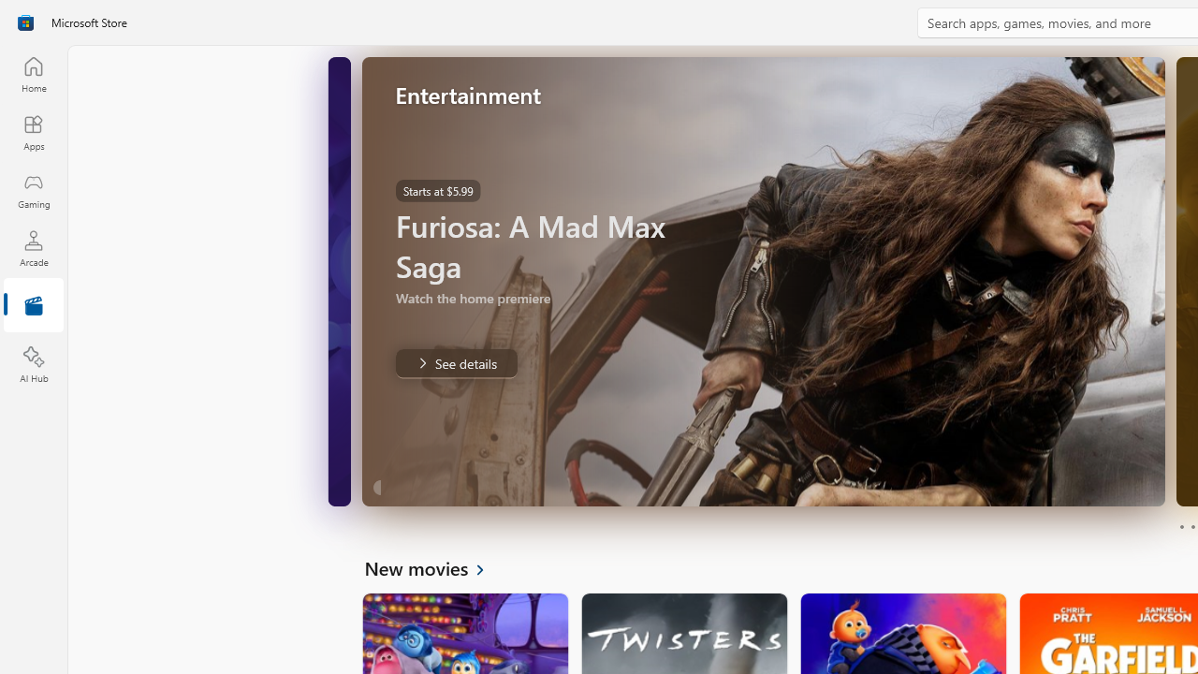 The image size is (1198, 674). I want to click on 'AI Hub', so click(33, 365).